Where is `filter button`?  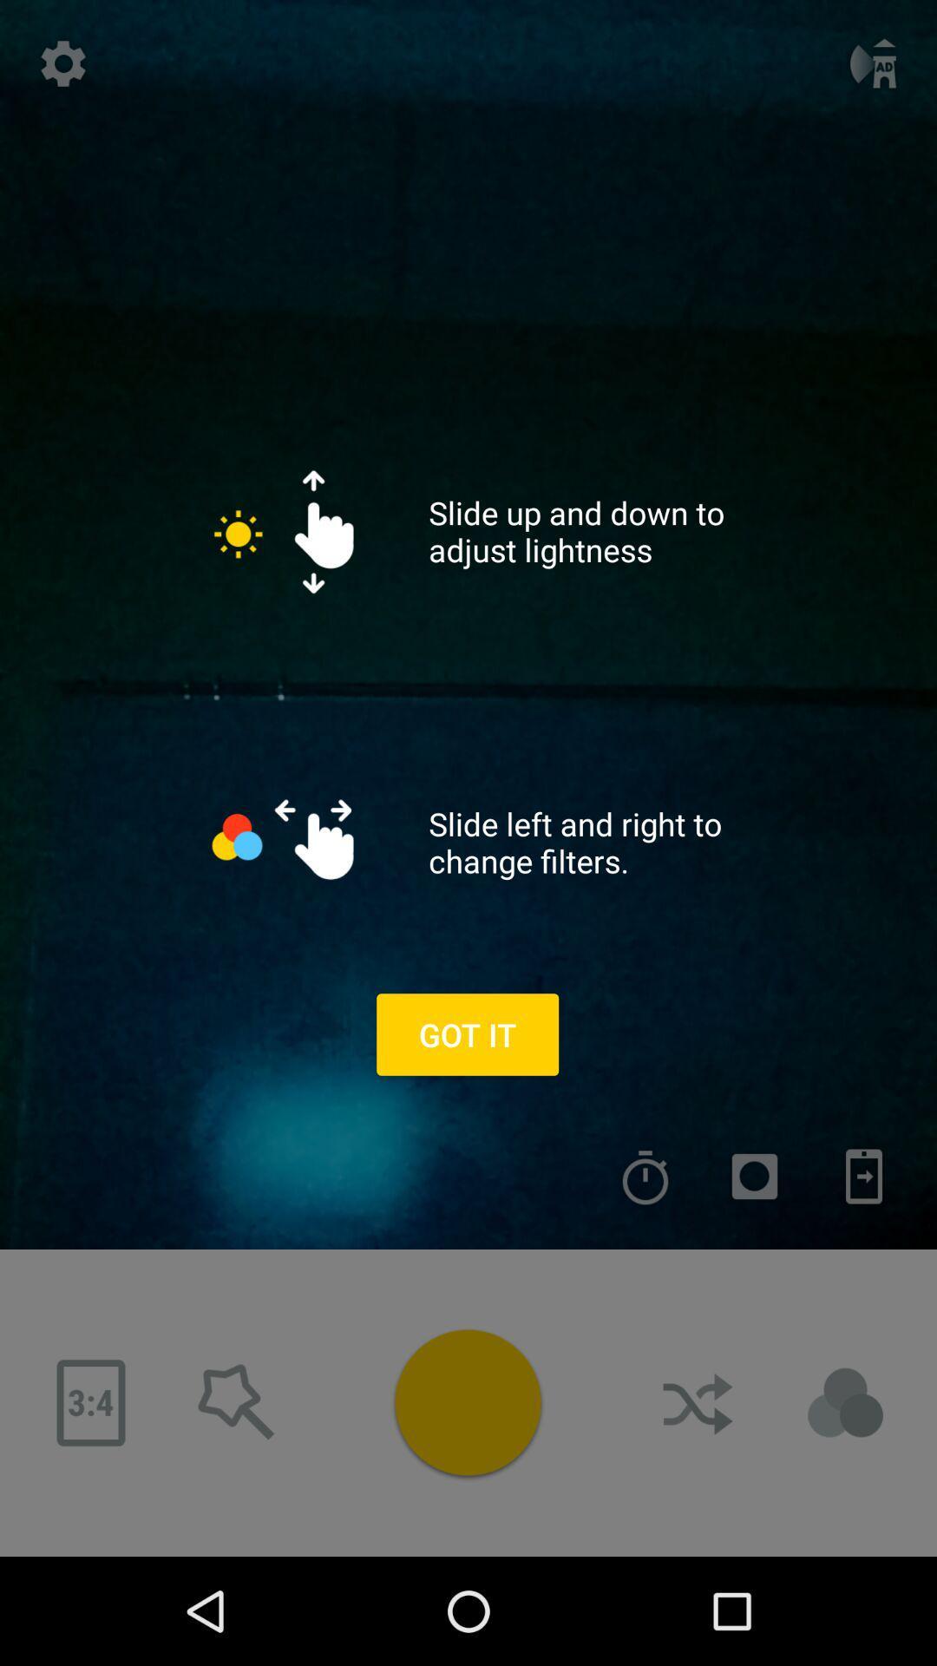
filter button is located at coordinates (845, 1403).